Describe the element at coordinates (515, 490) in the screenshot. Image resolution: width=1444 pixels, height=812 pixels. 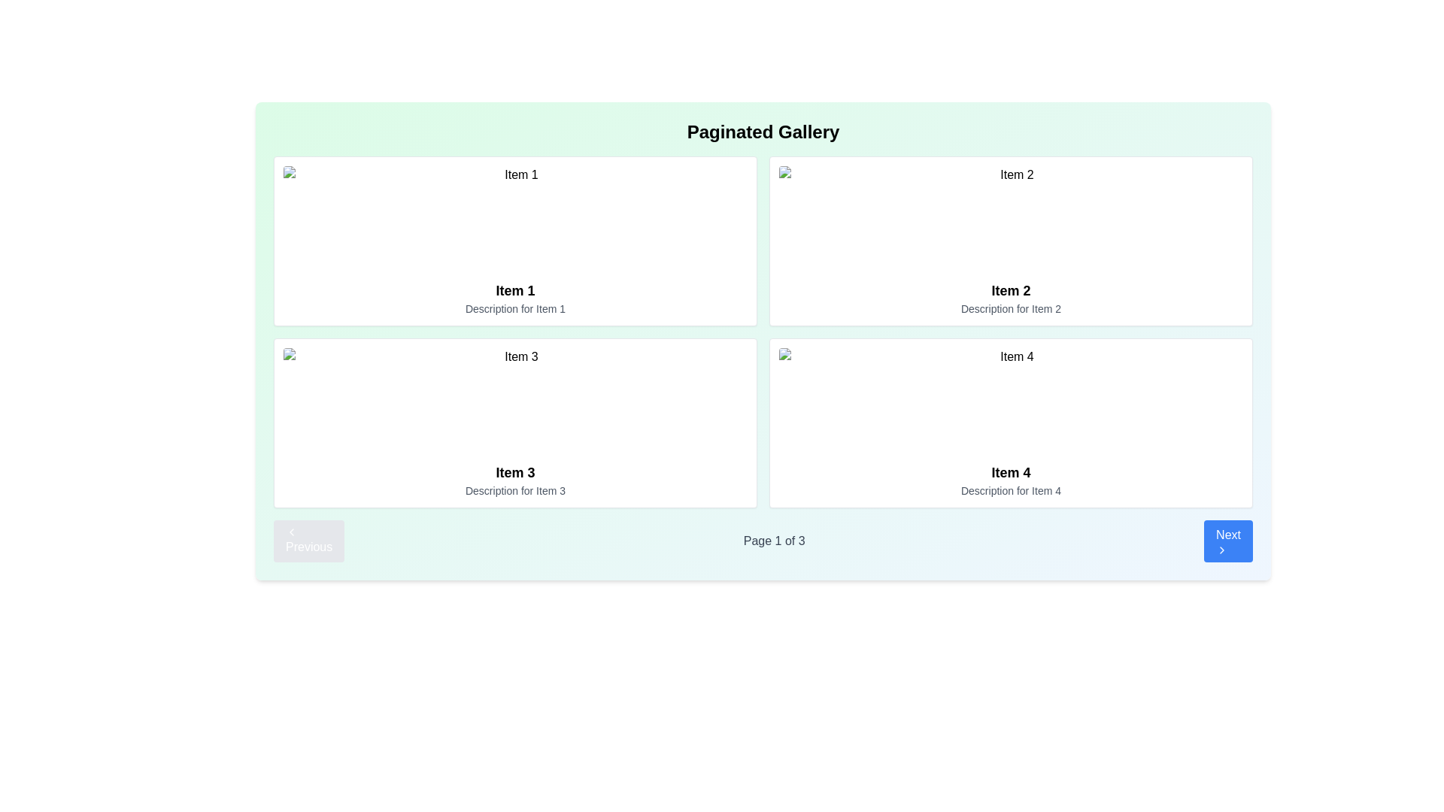
I see `the text label reading 'Description for Item 3' located at the bottom of the card for 'Item 3' in the bottom-left grid of the page` at that location.